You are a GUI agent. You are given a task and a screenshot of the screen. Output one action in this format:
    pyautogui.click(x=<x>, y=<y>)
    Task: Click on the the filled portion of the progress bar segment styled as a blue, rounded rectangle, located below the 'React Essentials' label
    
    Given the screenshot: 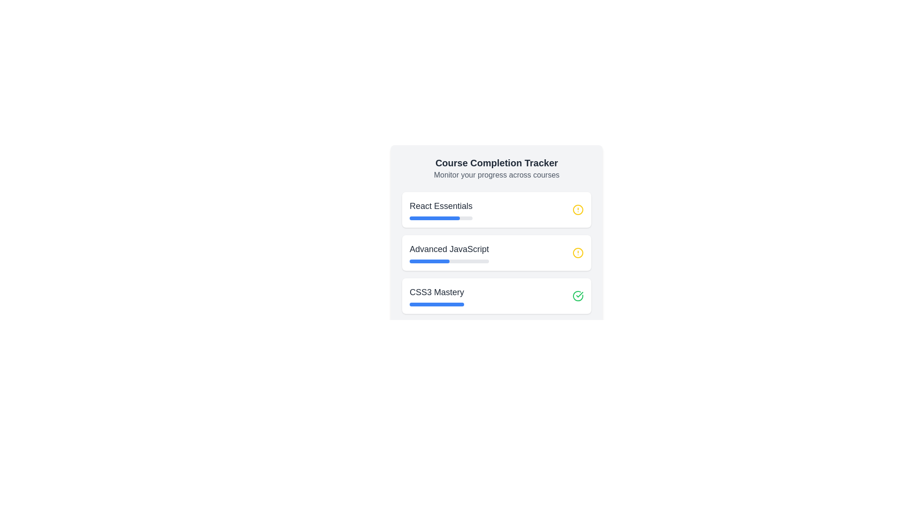 What is the action you would take?
    pyautogui.click(x=434, y=218)
    